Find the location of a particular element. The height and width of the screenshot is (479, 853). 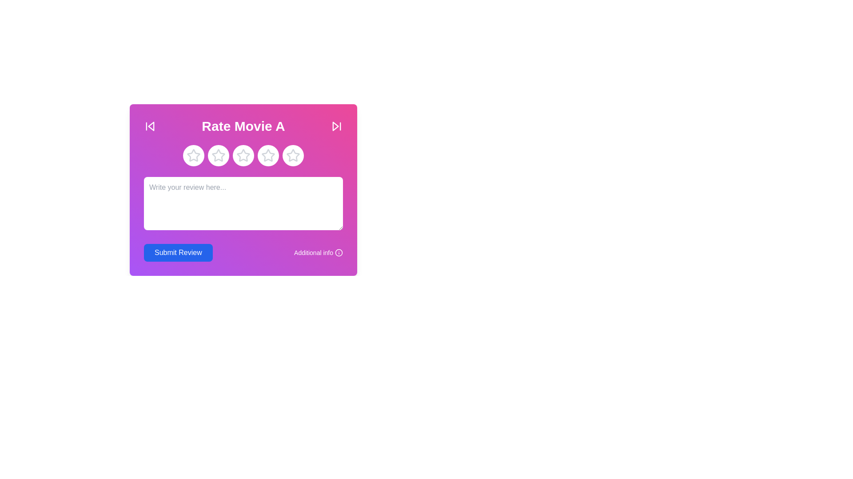

the third star-shaped rating icon, which is highlighted as the active selection, located below the title 'Rate Movie A' is located at coordinates (268, 155).